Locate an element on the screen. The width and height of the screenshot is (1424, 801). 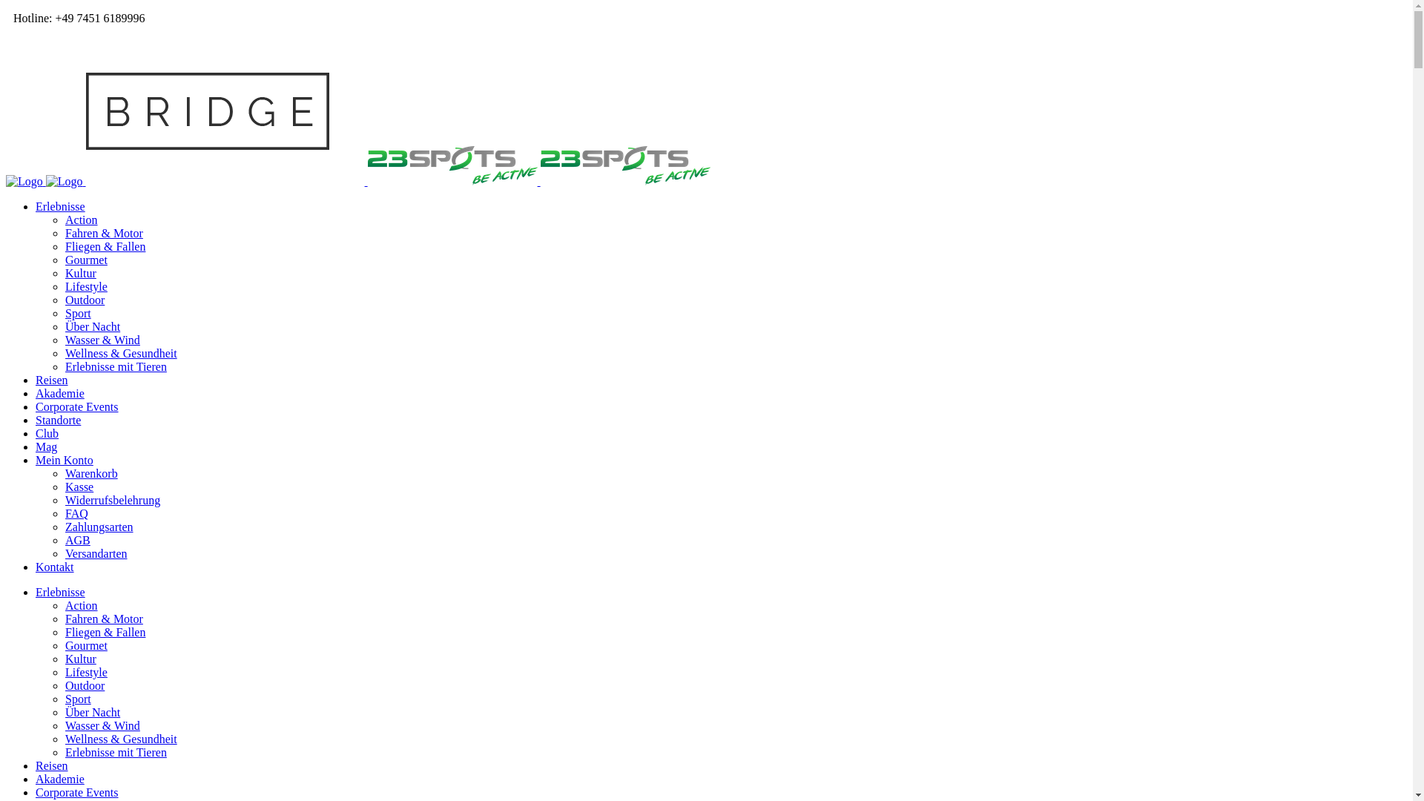
'Mag' is located at coordinates (46, 446).